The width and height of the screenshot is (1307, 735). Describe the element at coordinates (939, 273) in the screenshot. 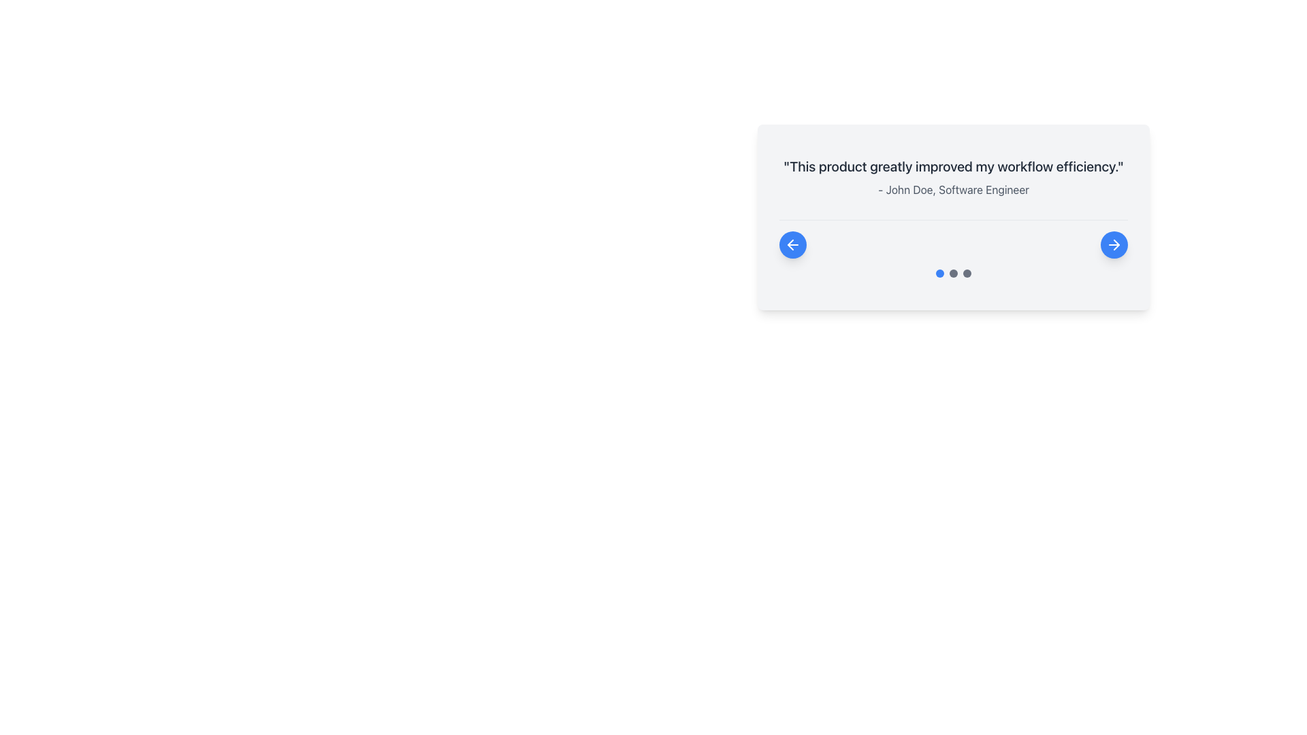

I see `the first blue circular indicator at the bottom of the testimonial box` at that location.